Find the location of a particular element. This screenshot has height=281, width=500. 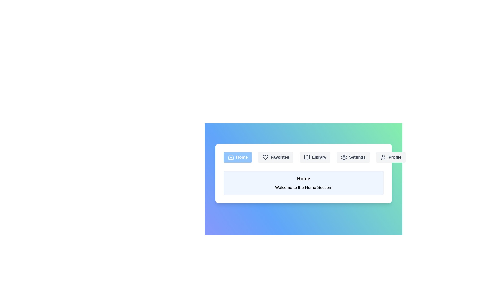

the heart-shaped icon in the navigation bar, which is the second icon from the left next to the 'Home' button, to focus on it is located at coordinates (265, 157).